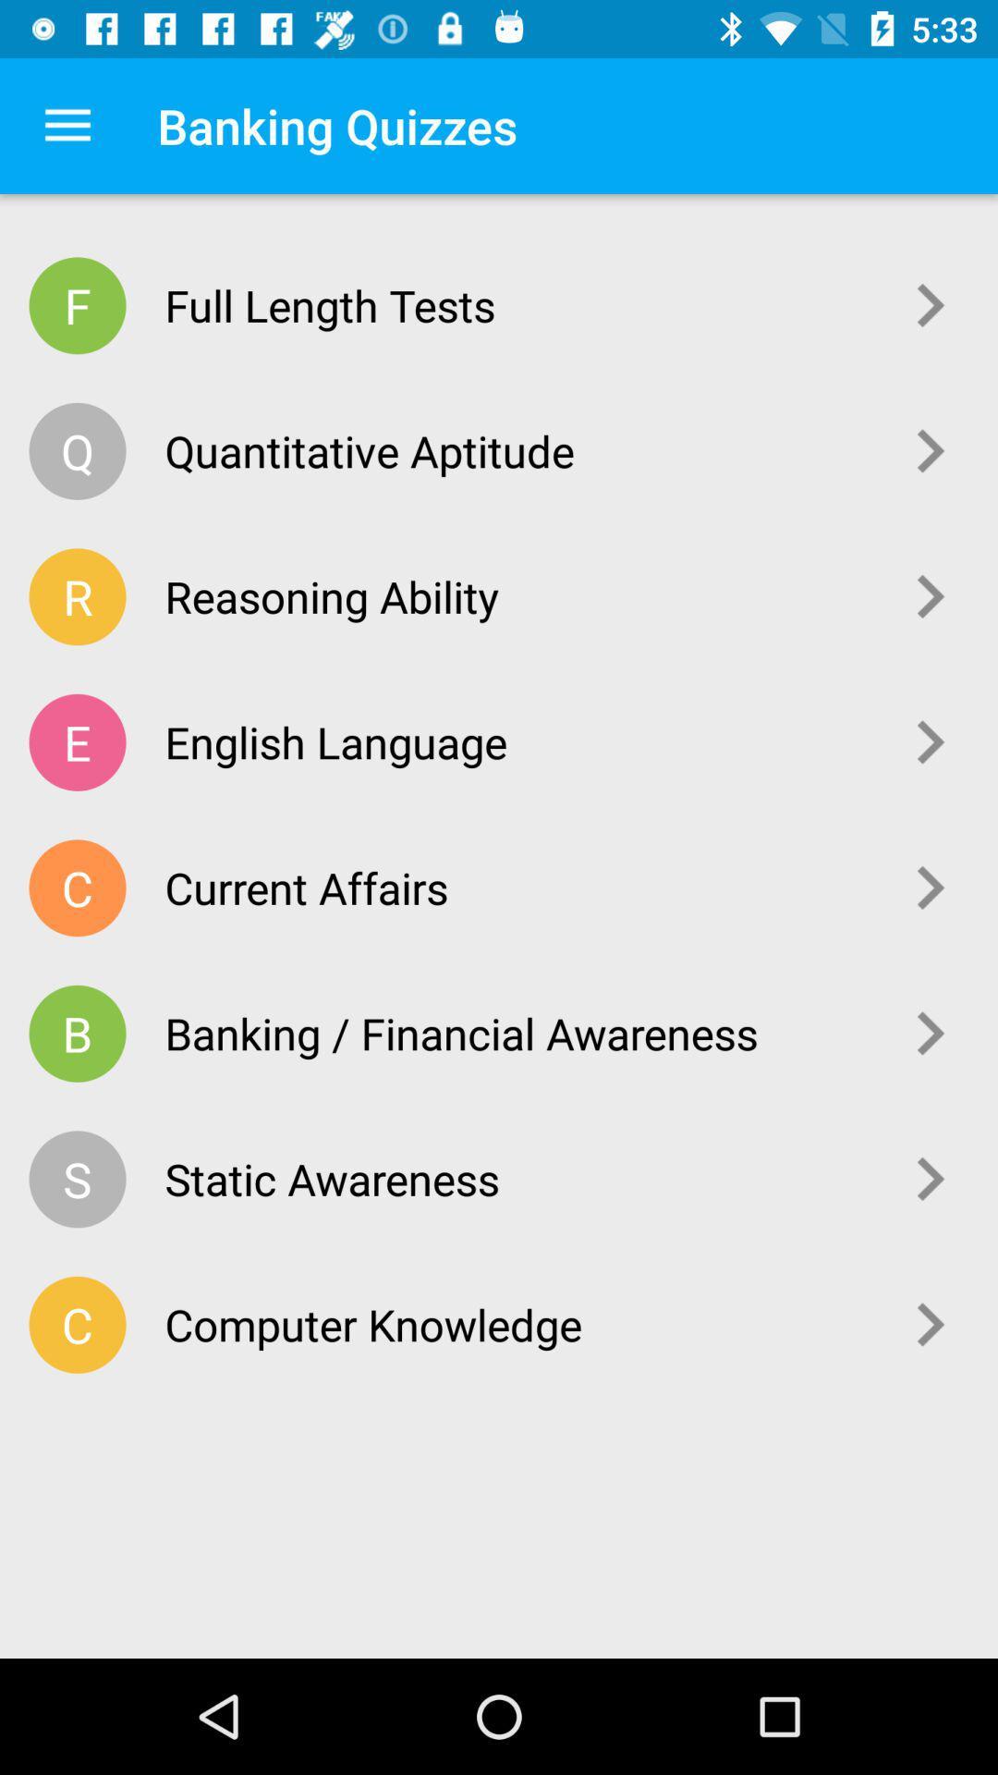 This screenshot has height=1775, width=998. Describe the element at coordinates (518, 1178) in the screenshot. I see `item below banking / financial awareness item` at that location.